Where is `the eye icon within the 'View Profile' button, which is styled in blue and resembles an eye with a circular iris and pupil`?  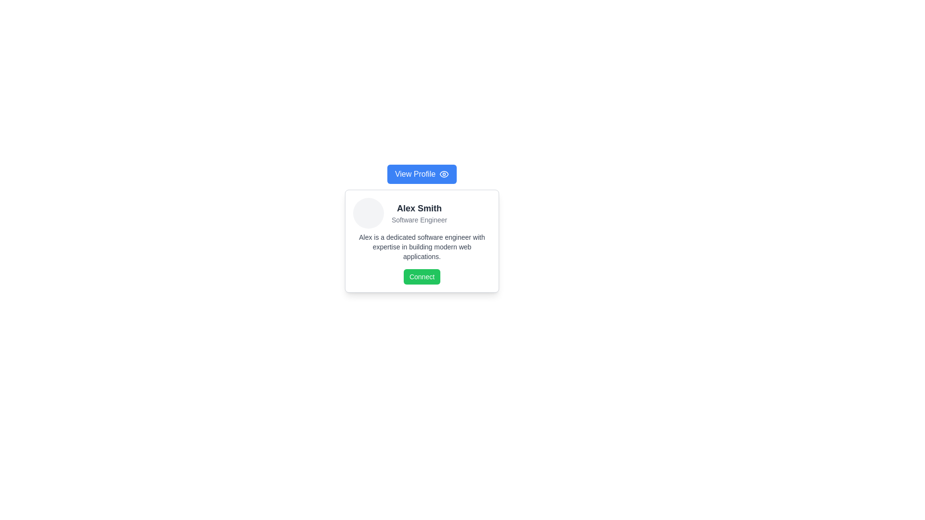 the eye icon within the 'View Profile' button, which is styled in blue and resembles an eye with a circular iris and pupil is located at coordinates (444, 174).